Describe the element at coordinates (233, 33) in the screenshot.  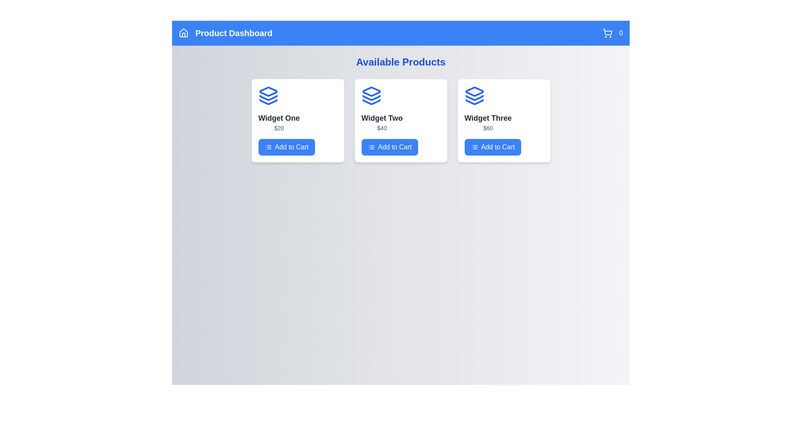
I see `the 'Product Dashboard' text label located in the blue navigation bar, which serves as the title indicating the current section of the application` at that location.